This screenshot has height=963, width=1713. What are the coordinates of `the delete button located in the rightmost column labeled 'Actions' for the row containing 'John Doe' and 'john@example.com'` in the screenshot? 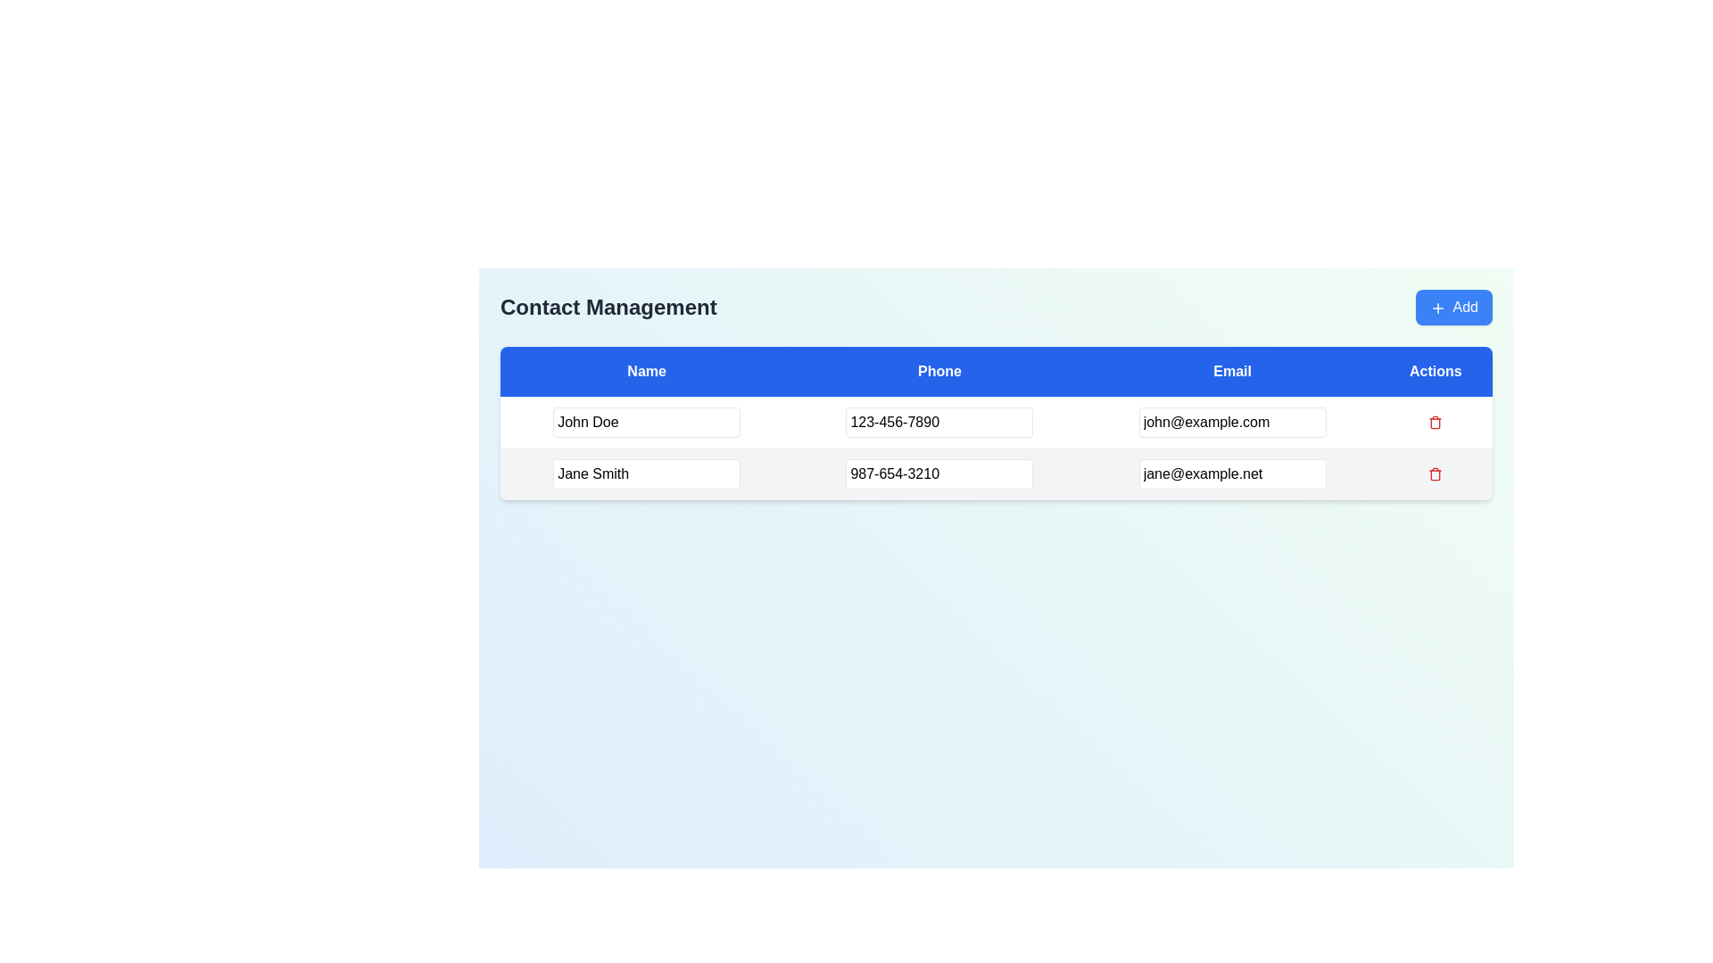 It's located at (1436, 423).